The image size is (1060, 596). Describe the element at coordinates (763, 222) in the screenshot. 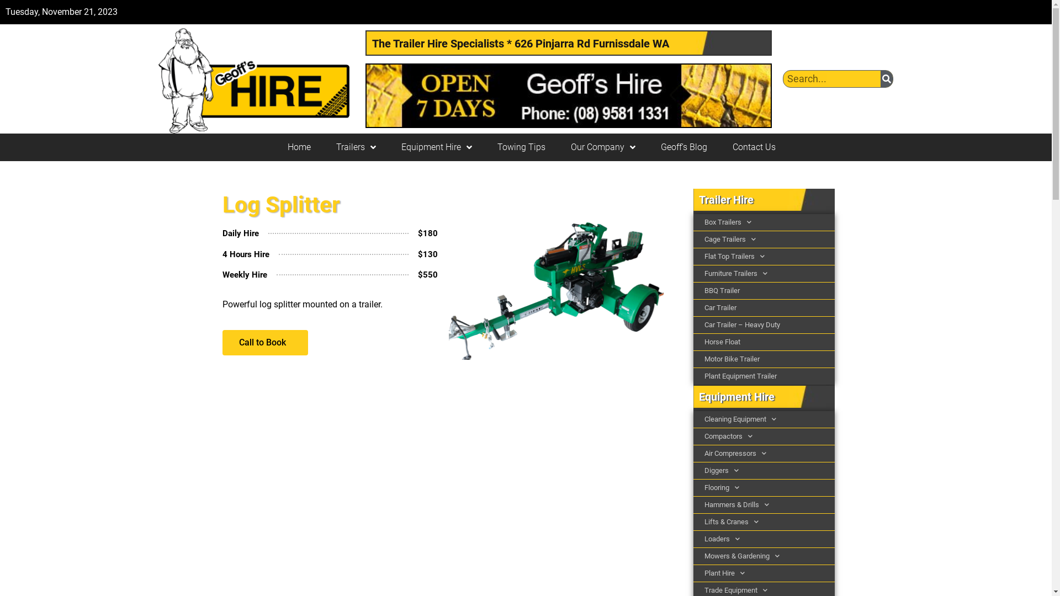

I see `'Box Trailers'` at that location.